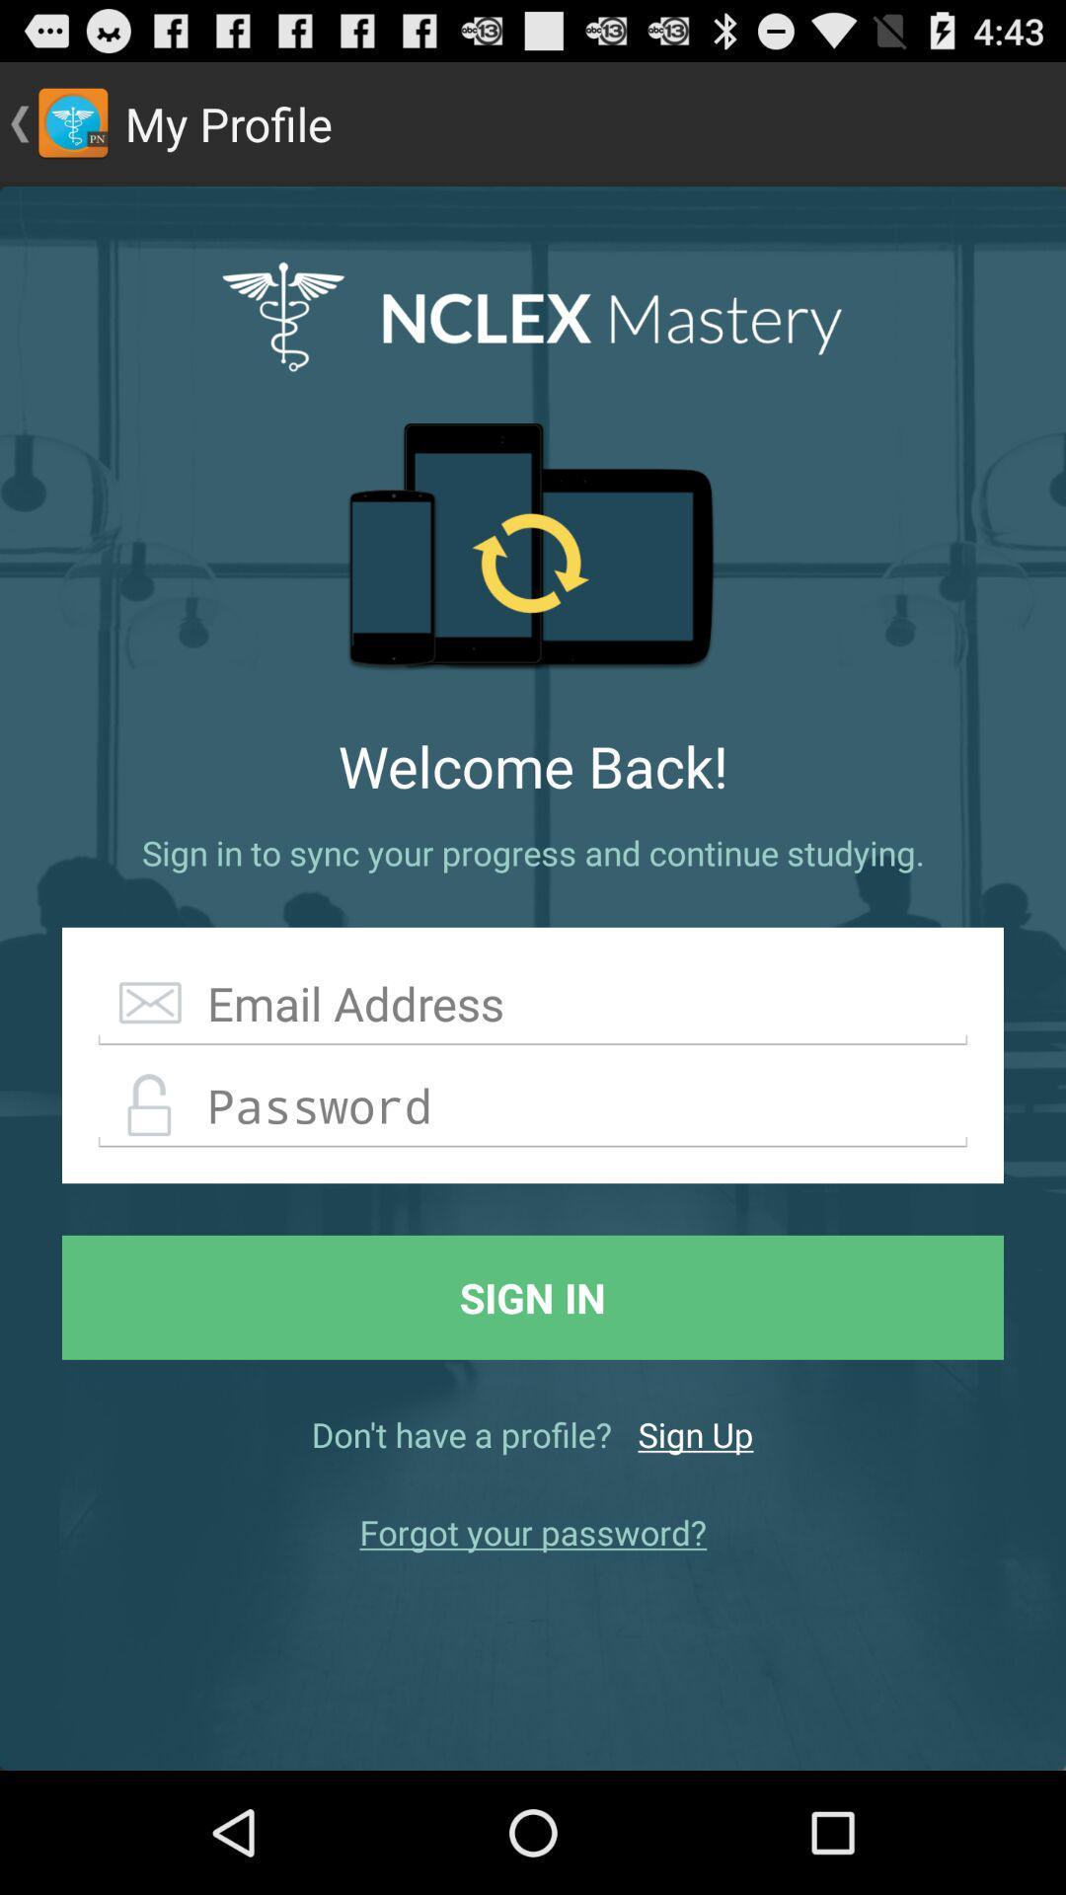 The image size is (1066, 1895). I want to click on creat message, so click(533, 1004).